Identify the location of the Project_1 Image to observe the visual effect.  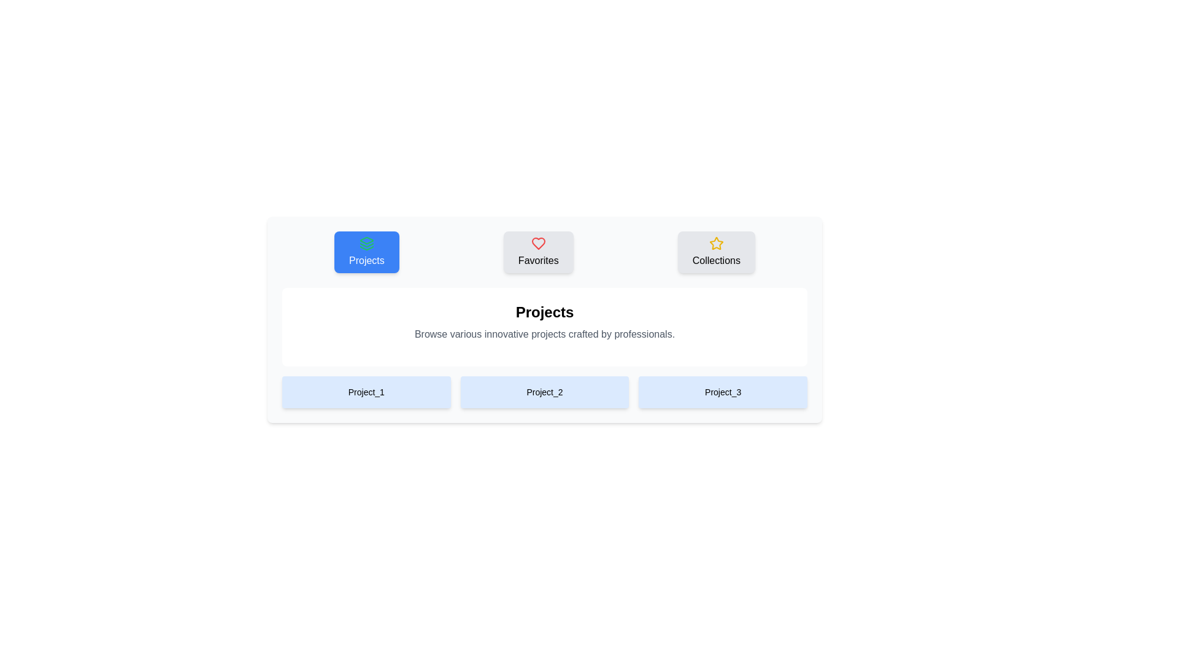
(366, 392).